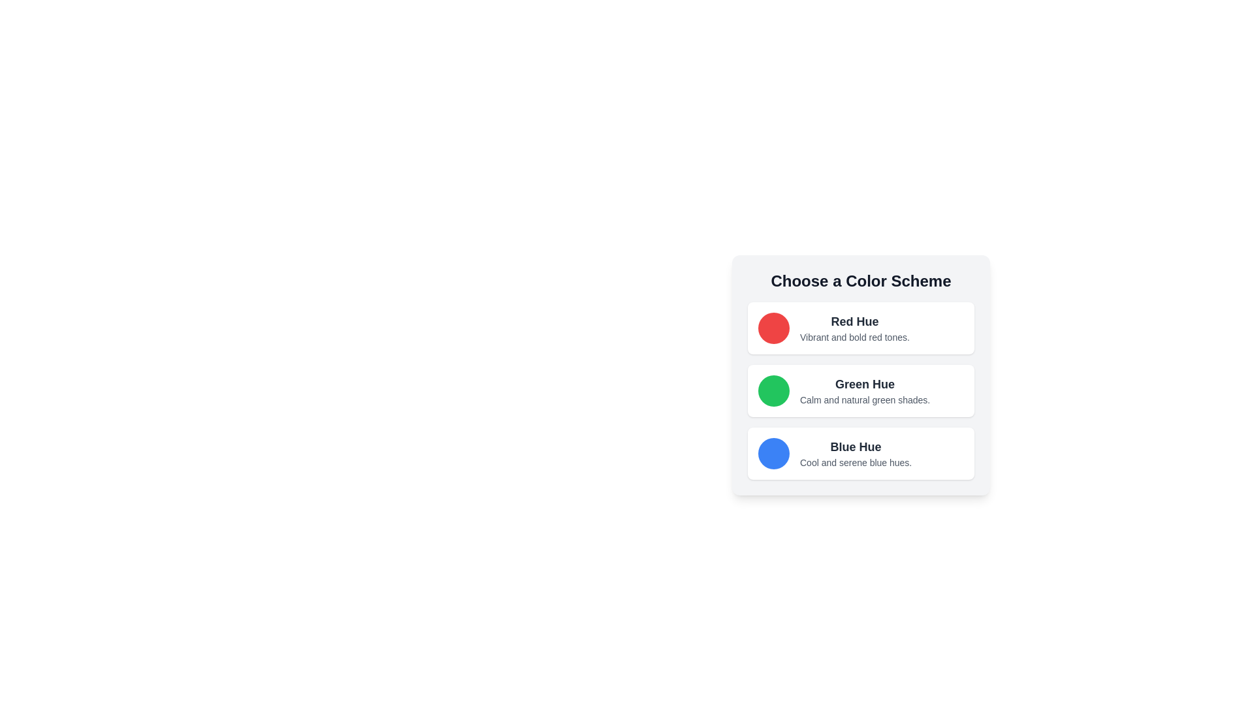  I want to click on the vibrant red circular color swatch located near the title 'Red Hue' and above the description text 'Vibrant and bold red tones', so click(774, 327).